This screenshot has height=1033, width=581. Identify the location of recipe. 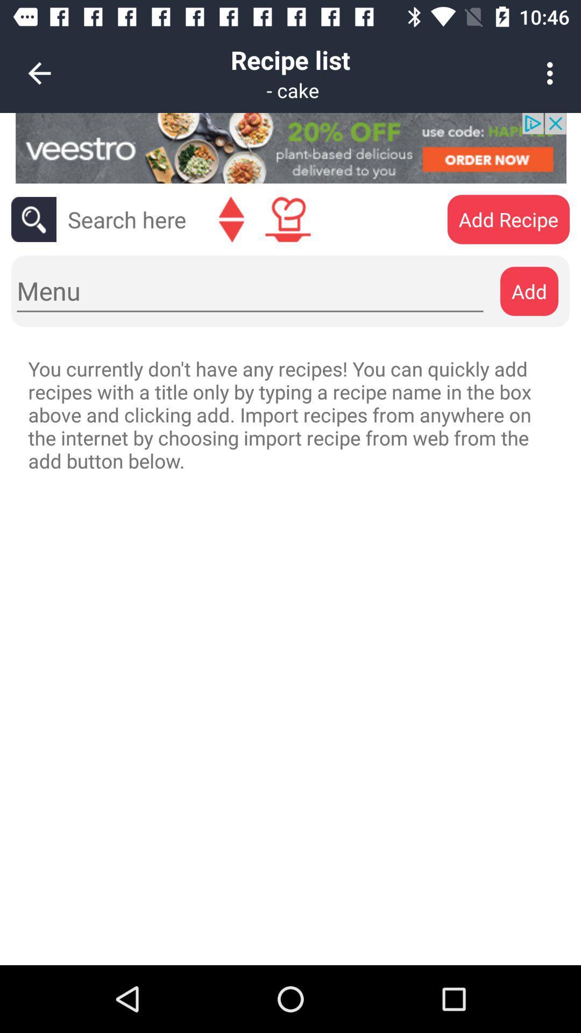
(287, 219).